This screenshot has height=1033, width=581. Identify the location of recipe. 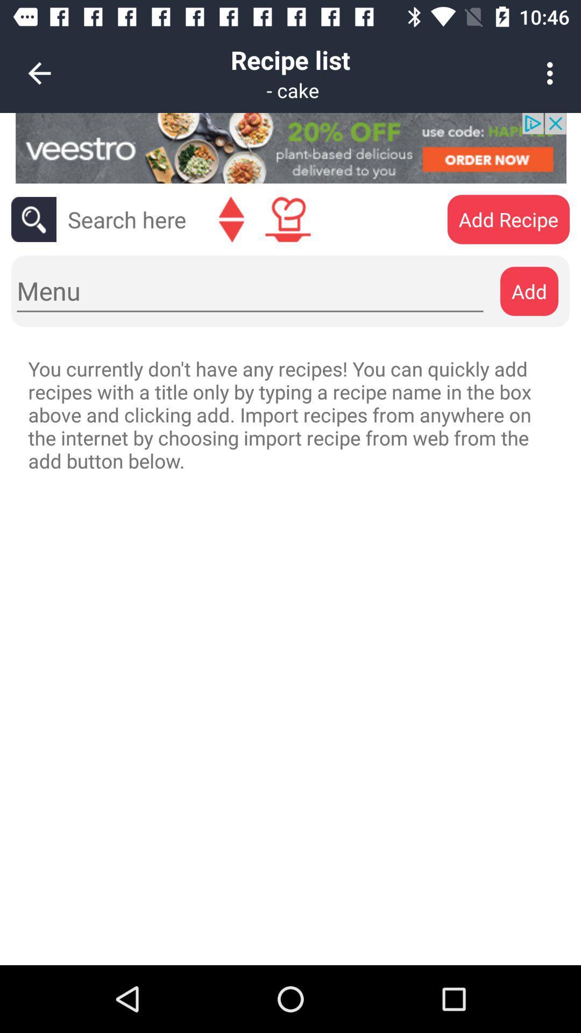
(287, 219).